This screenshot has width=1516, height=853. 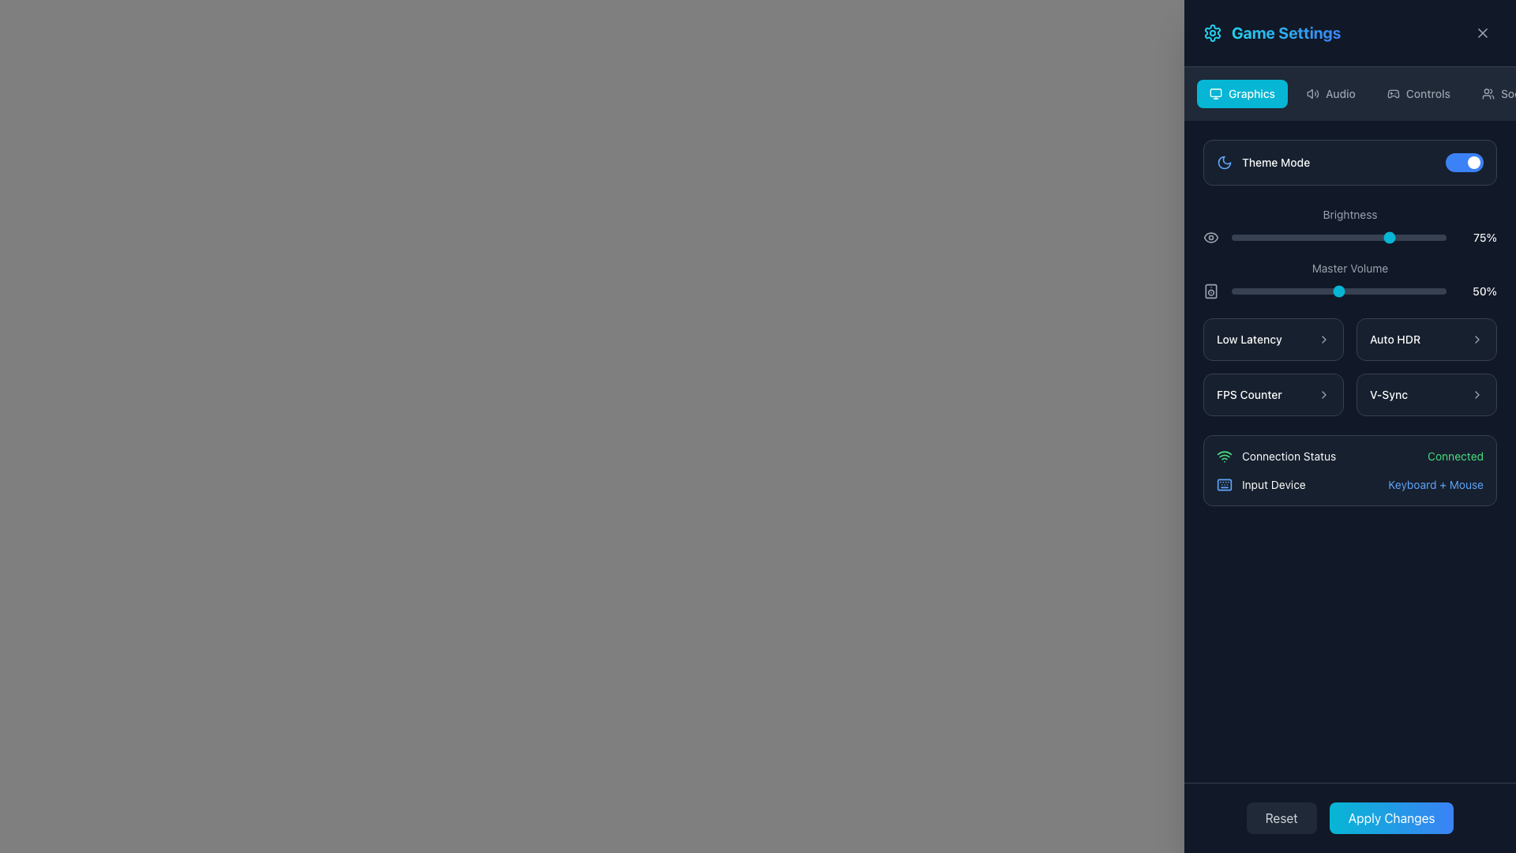 I want to click on the 'Auto HDR' button, which is part of the 'Graphics' section in the settings panel, so click(x=1426, y=338).